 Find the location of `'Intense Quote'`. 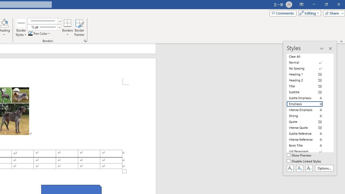

'Intense Quote' is located at coordinates (308, 128).